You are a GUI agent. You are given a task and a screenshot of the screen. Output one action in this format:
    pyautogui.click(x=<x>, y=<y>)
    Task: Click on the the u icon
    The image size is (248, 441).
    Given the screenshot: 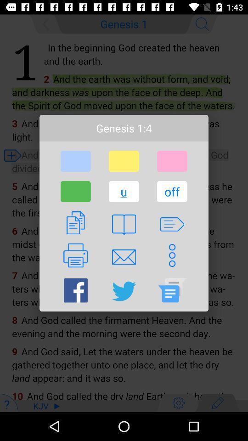 What is the action you would take?
    pyautogui.click(x=124, y=191)
    